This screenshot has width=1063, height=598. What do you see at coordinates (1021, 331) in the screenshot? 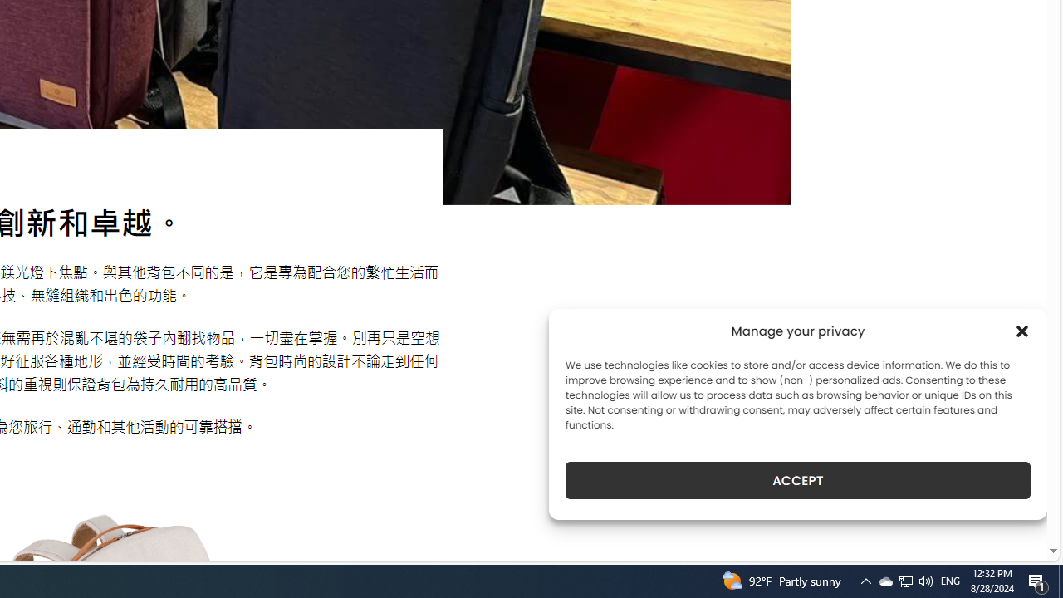
I see `'Class: cmplz-close'` at bounding box center [1021, 331].